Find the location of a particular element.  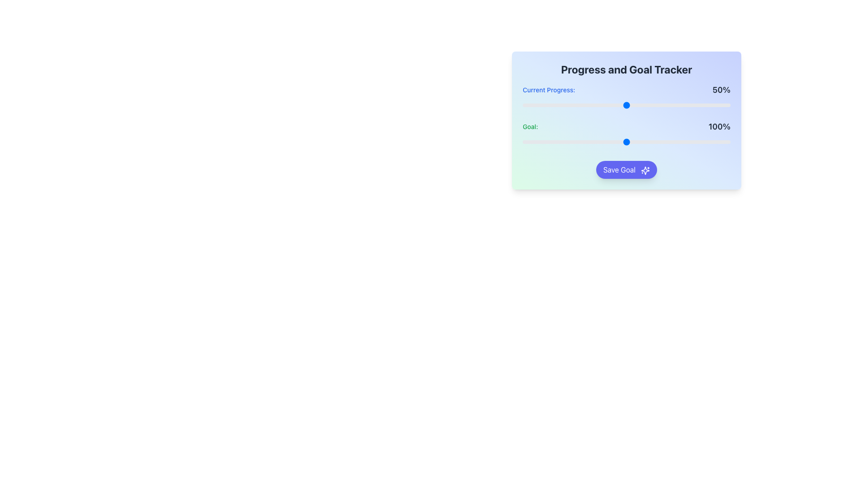

the 'Save Goal' button with a blue background and white text is located at coordinates (626, 169).